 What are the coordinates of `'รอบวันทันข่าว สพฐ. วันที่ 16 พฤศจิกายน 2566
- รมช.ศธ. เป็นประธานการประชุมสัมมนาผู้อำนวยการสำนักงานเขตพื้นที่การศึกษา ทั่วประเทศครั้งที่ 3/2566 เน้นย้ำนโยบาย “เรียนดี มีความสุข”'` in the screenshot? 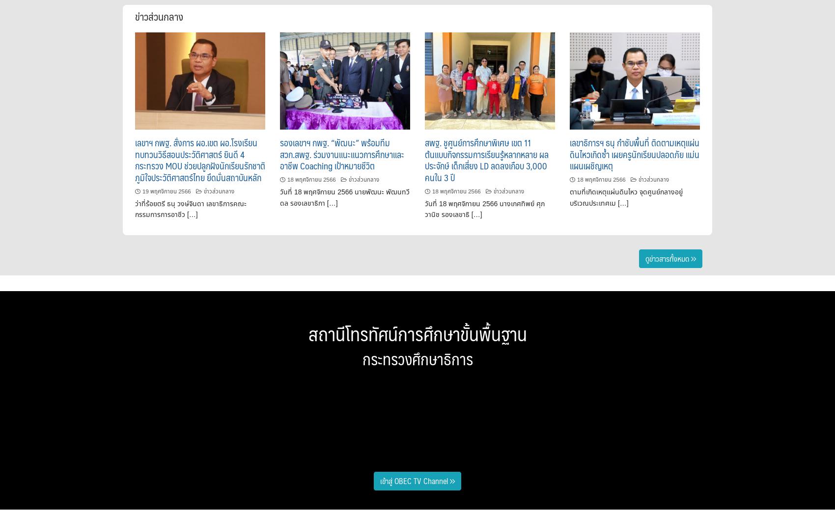 It's located at (562, 429).